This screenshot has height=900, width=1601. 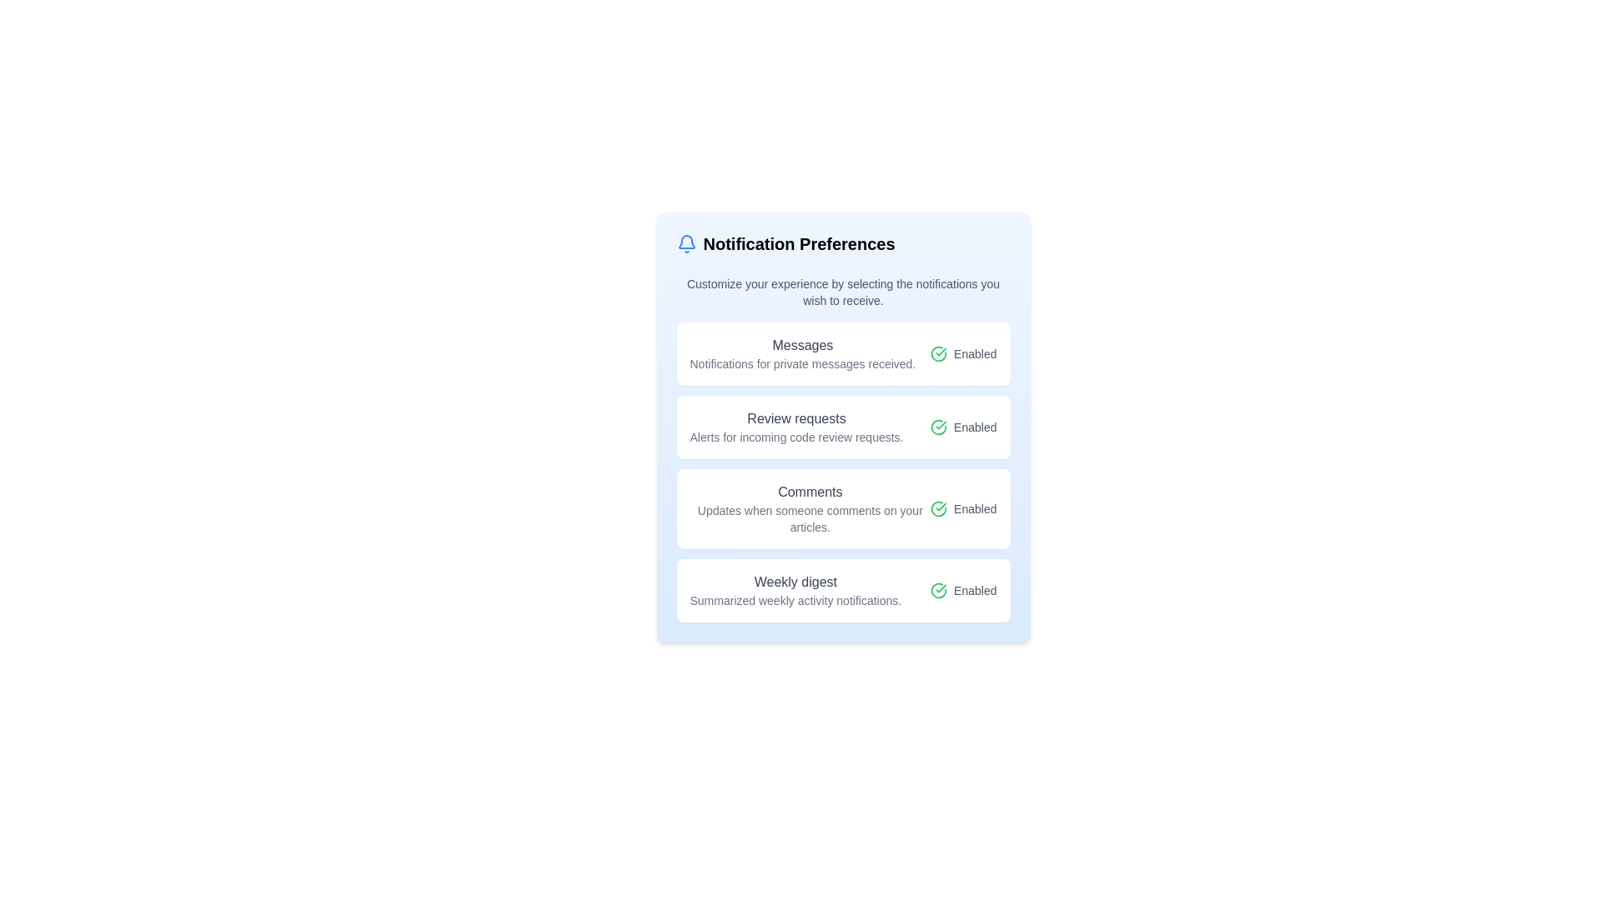 What do you see at coordinates (939, 427) in the screenshot?
I see `the green circular icon with a white checkmark, which is located in the second row of notification settings labeled 'Review requests', adjacent to the 'Enabled' text` at bounding box center [939, 427].